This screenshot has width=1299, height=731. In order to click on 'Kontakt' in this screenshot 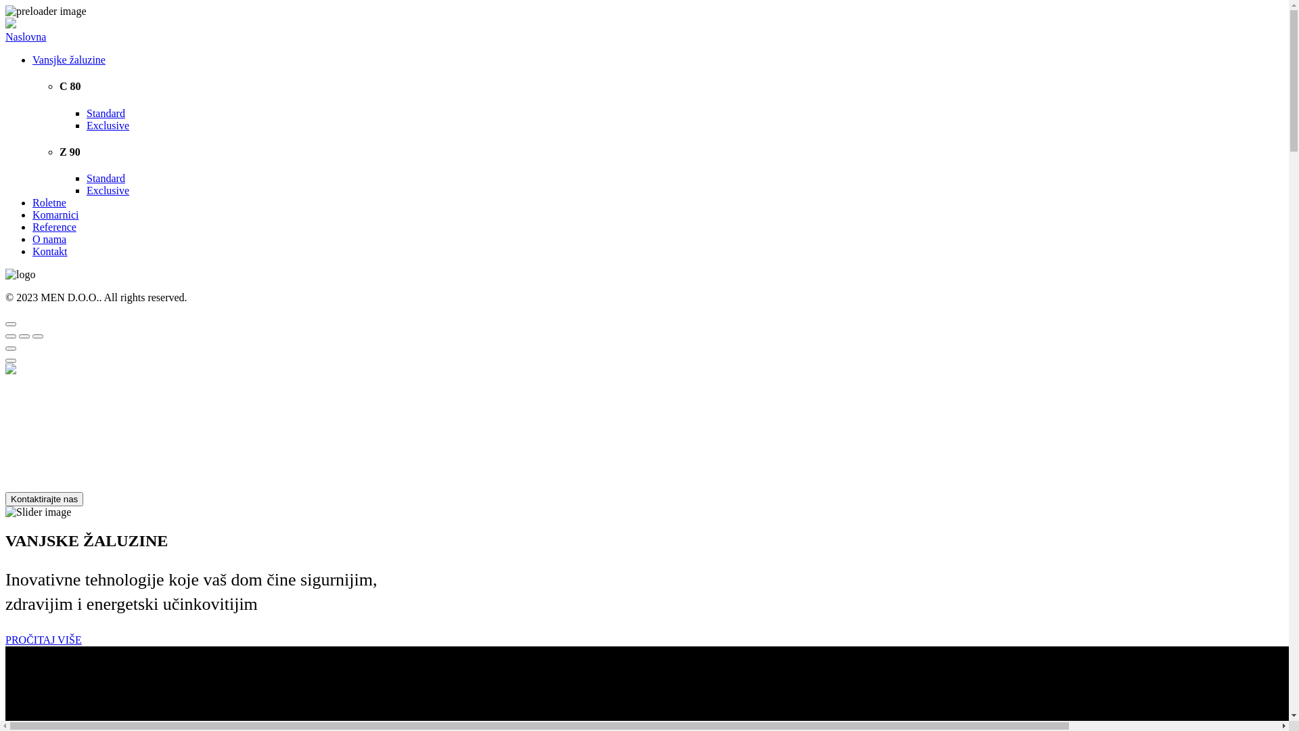, I will do `click(49, 251)`.